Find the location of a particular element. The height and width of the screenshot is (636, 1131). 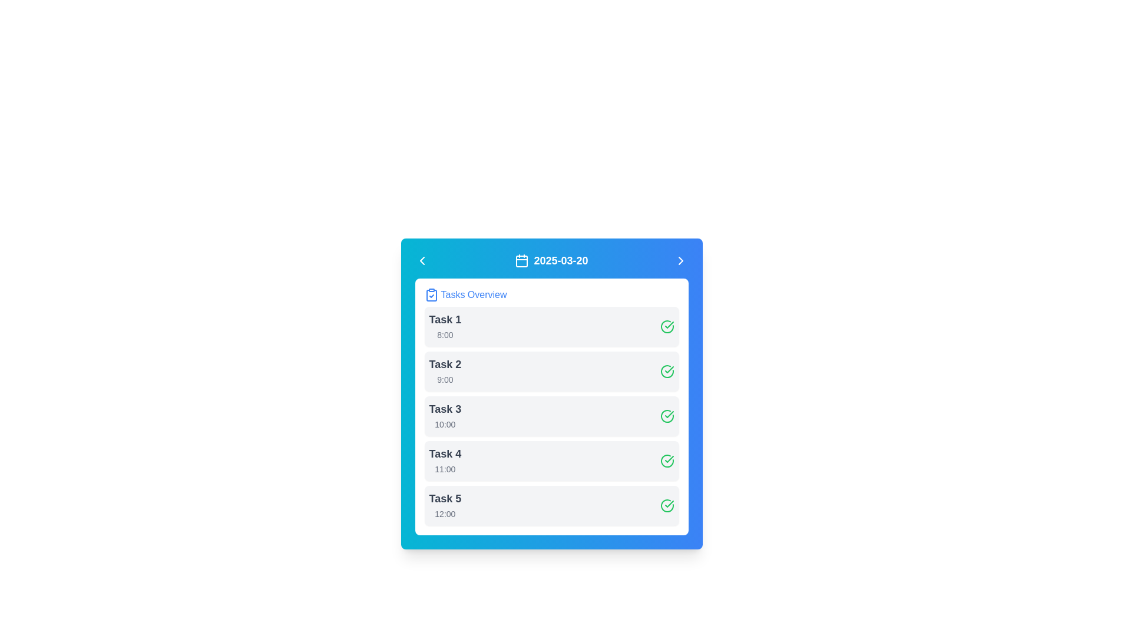

the completion status indicator for 'Task 2', which is located at the rightmost side of the second task row indicating that the task is completed is located at coordinates (667, 372).